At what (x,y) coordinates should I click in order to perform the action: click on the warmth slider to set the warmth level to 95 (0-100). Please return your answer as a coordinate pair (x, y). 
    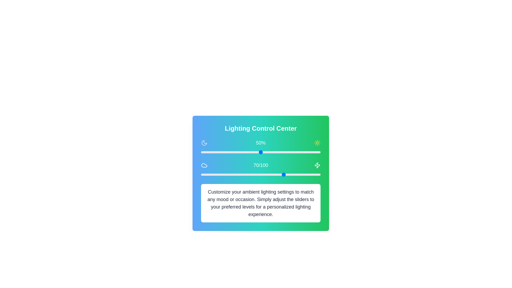
    Looking at the image, I should click on (314, 175).